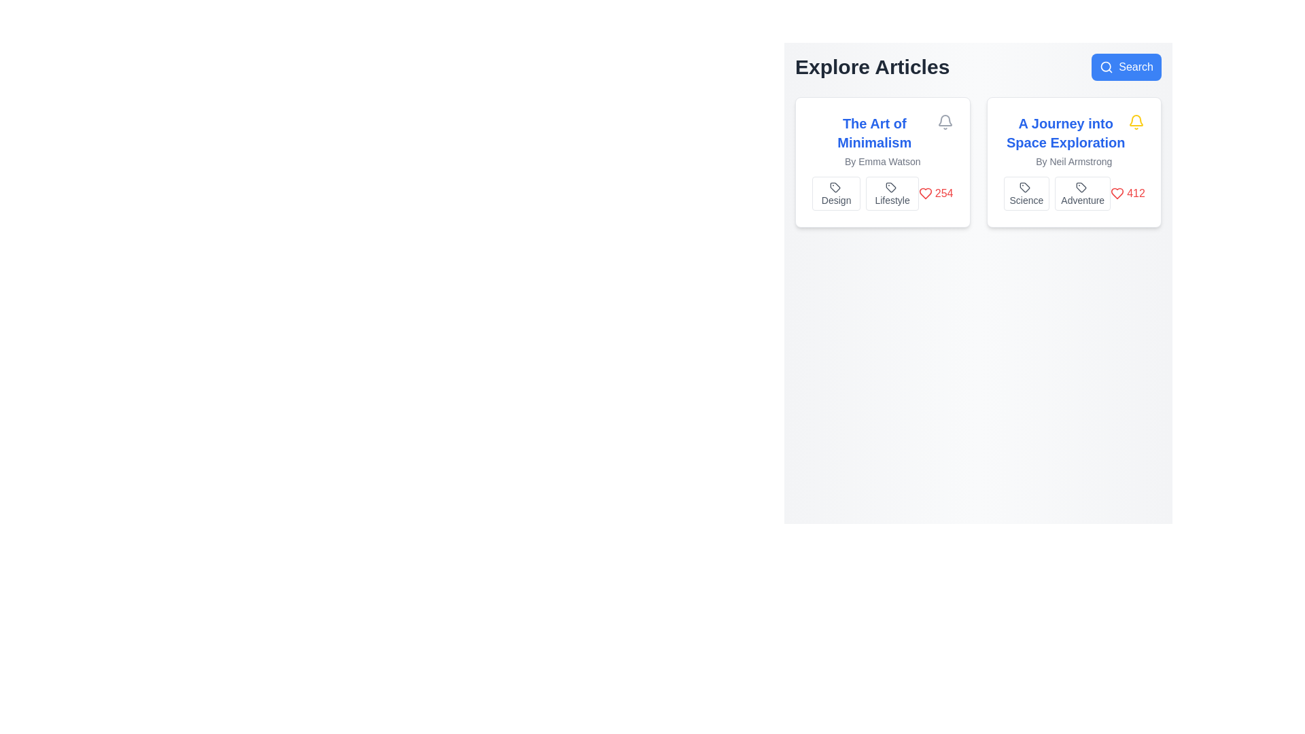  I want to click on the icon representing the 'Design' tag located in the first card under the title 'The Art of Minimalism'. This icon is the leftmost tag in a horizontal group of tags, so click(834, 188).